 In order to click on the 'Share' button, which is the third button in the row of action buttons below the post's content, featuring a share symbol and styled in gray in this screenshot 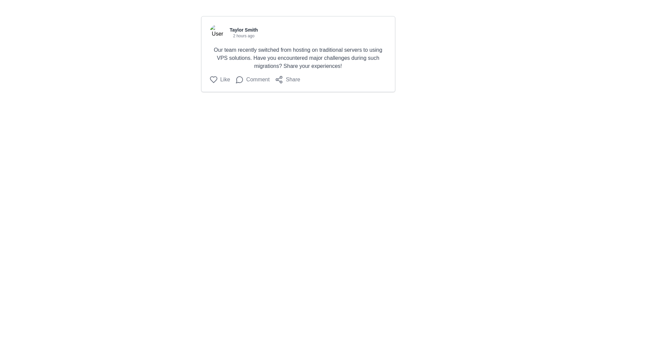, I will do `click(287, 79)`.